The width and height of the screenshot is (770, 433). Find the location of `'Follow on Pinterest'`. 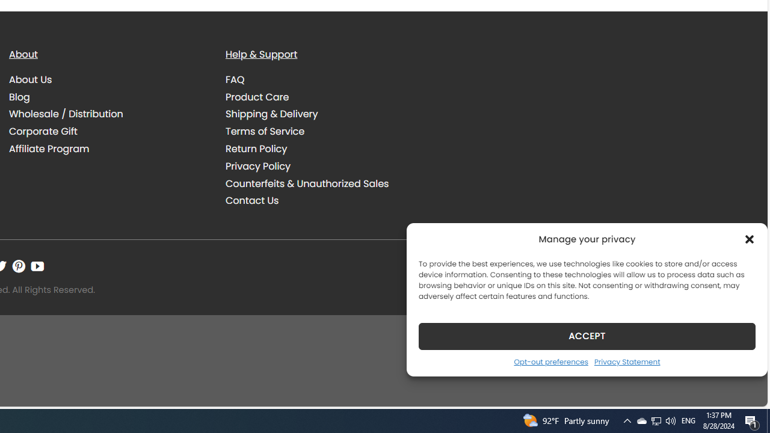

'Follow on Pinterest' is located at coordinates (19, 265).